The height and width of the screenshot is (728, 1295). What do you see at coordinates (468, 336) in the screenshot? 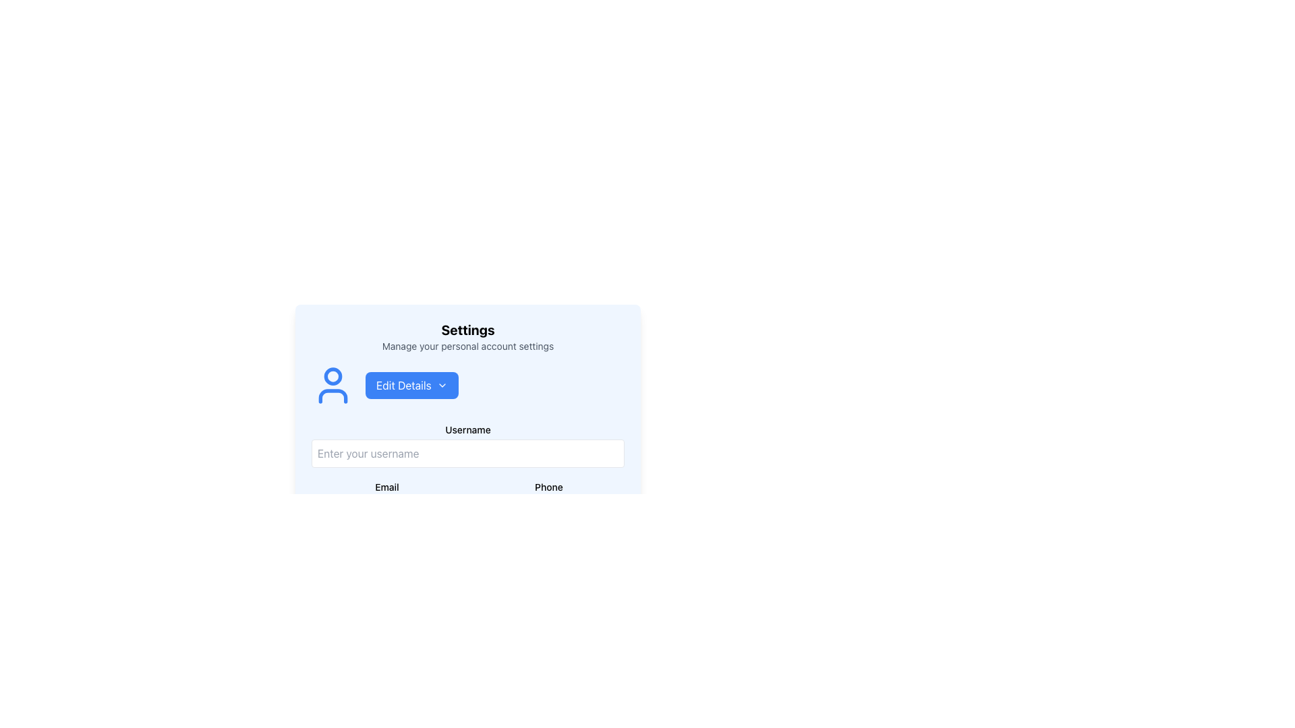
I see `header content of the text block labeled 'Settings' which includes a title in bold and a subtitle about managing personal account settings` at bounding box center [468, 336].